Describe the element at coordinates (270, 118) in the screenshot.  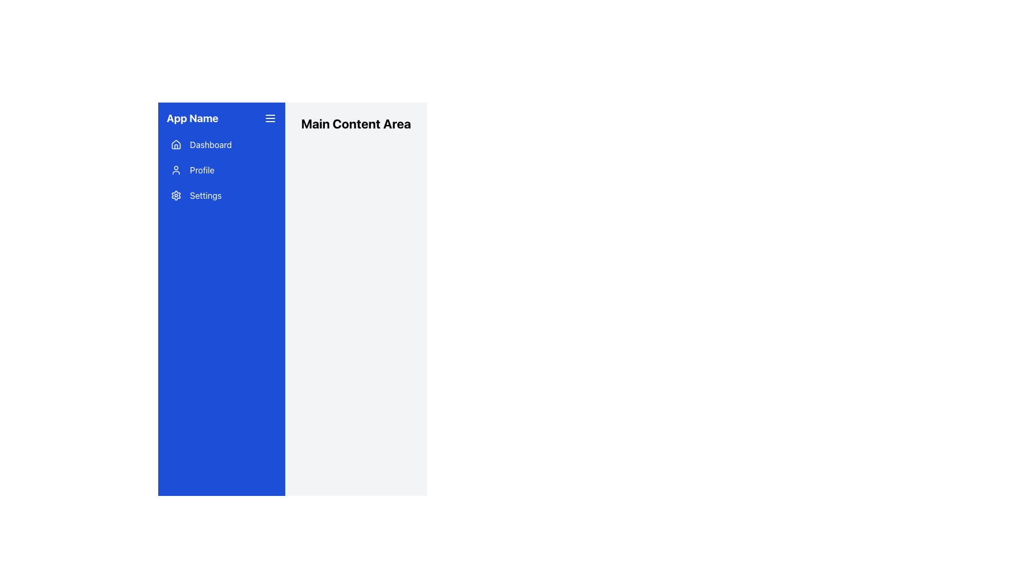
I see `the toggle button located at the top-right corner of the blue sidebar section` at that location.